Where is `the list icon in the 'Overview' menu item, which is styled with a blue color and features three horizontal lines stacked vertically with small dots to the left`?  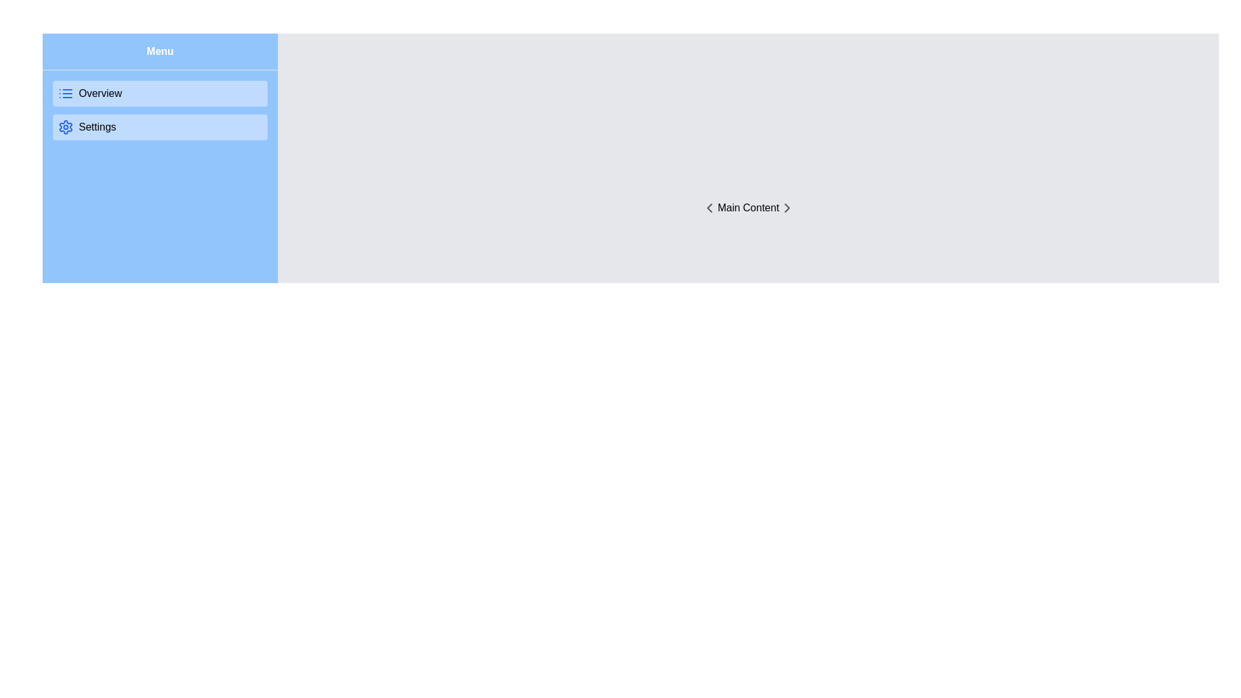 the list icon in the 'Overview' menu item, which is styled with a blue color and features three horizontal lines stacked vertically with small dots to the left is located at coordinates (65, 93).